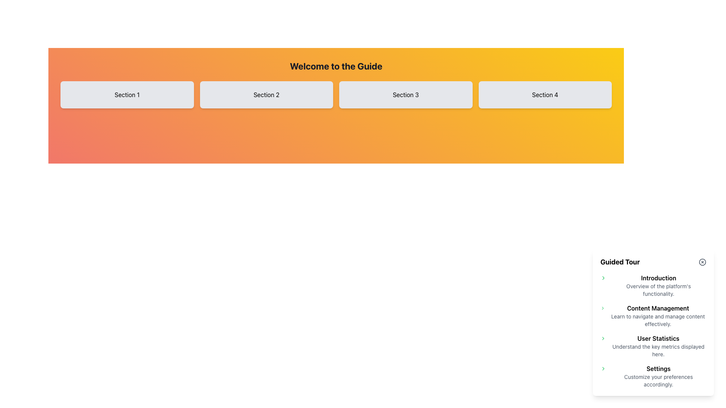 This screenshot has height=408, width=726. What do you see at coordinates (266, 94) in the screenshot?
I see `the 'Section 2' card` at bounding box center [266, 94].